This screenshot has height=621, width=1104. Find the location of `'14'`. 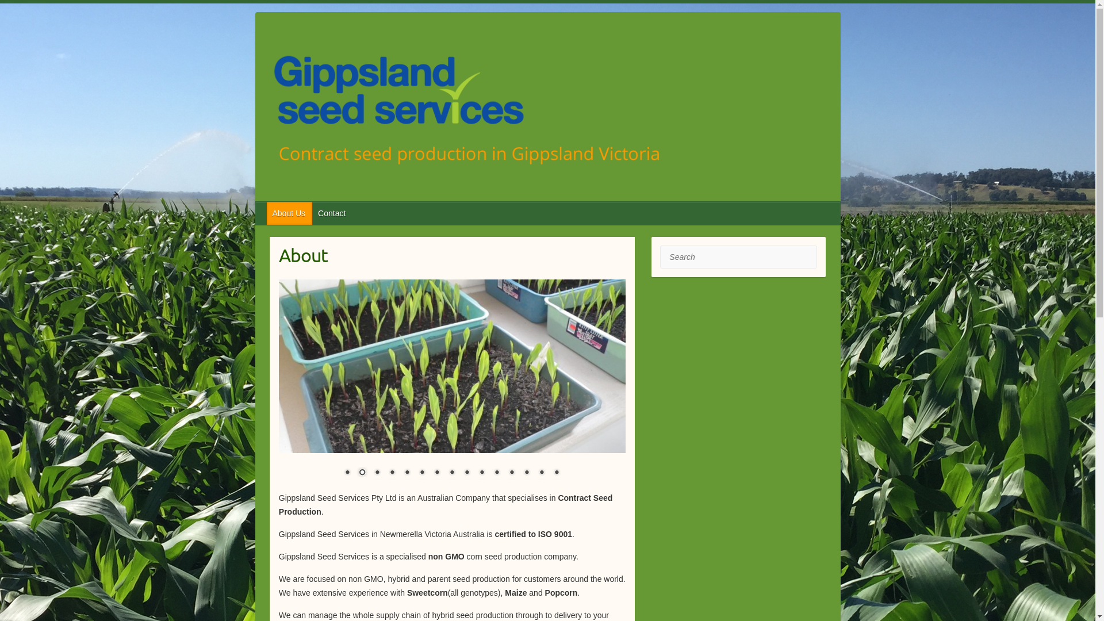

'14' is located at coordinates (540, 473).